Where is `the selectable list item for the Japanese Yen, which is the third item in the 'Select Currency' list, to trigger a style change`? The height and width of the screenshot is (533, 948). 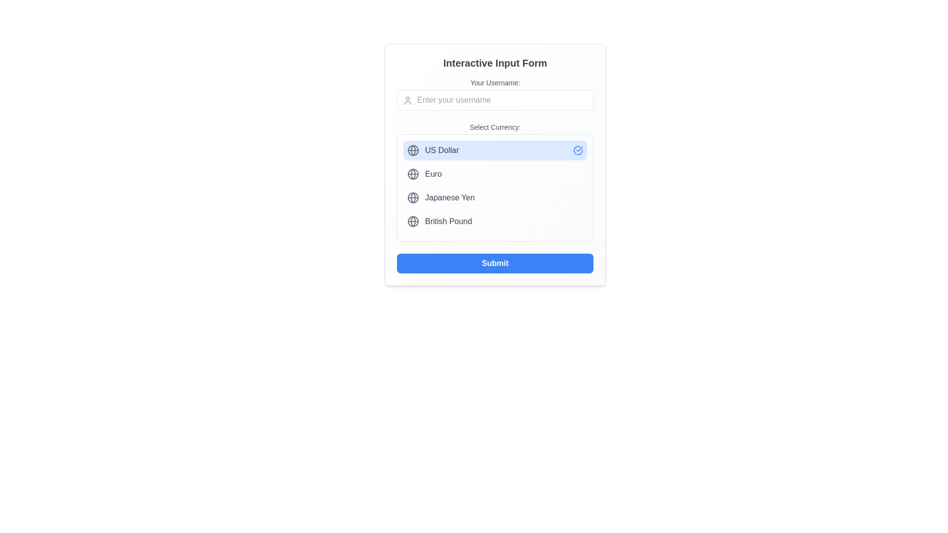 the selectable list item for the Japanese Yen, which is the third item in the 'Select Currency' list, to trigger a style change is located at coordinates (495, 198).